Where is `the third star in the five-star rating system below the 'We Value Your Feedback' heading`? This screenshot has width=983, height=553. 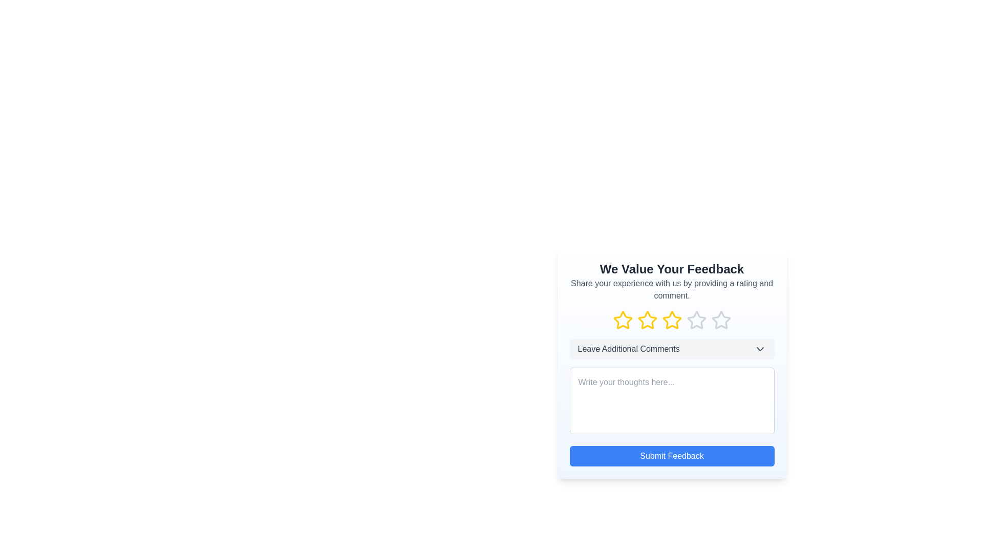 the third star in the five-star rating system below the 'We Value Your Feedback' heading is located at coordinates (647, 320).